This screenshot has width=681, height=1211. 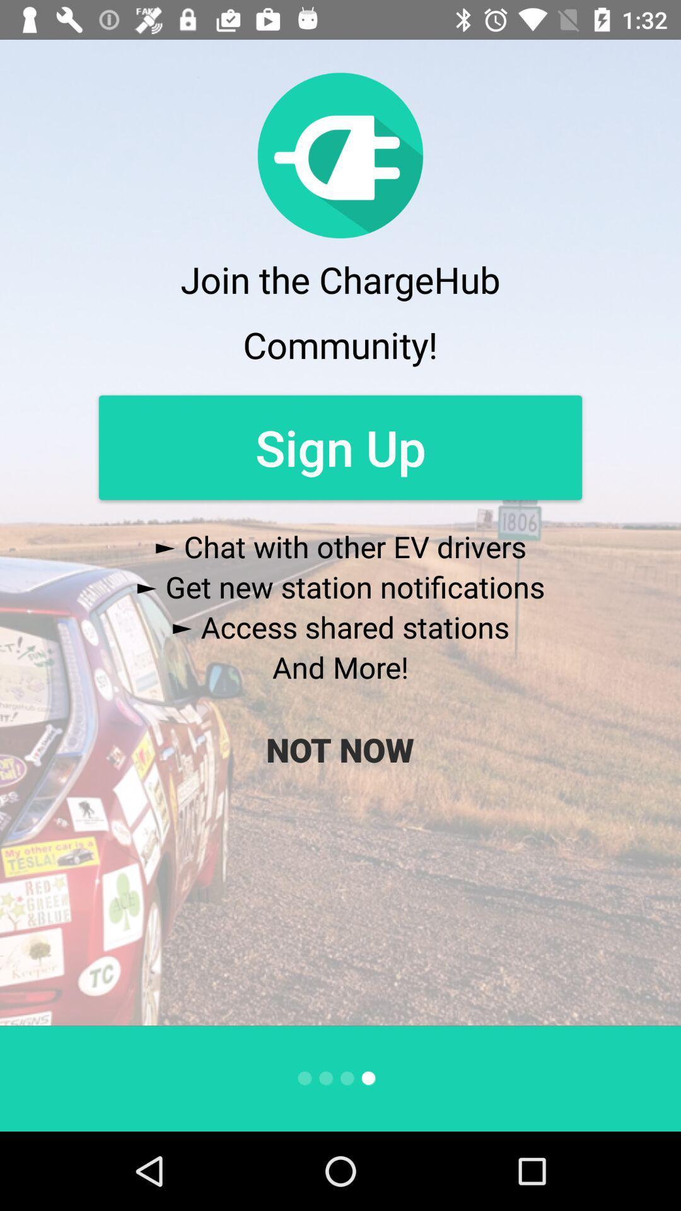 What do you see at coordinates (340, 447) in the screenshot?
I see `the sign up` at bounding box center [340, 447].